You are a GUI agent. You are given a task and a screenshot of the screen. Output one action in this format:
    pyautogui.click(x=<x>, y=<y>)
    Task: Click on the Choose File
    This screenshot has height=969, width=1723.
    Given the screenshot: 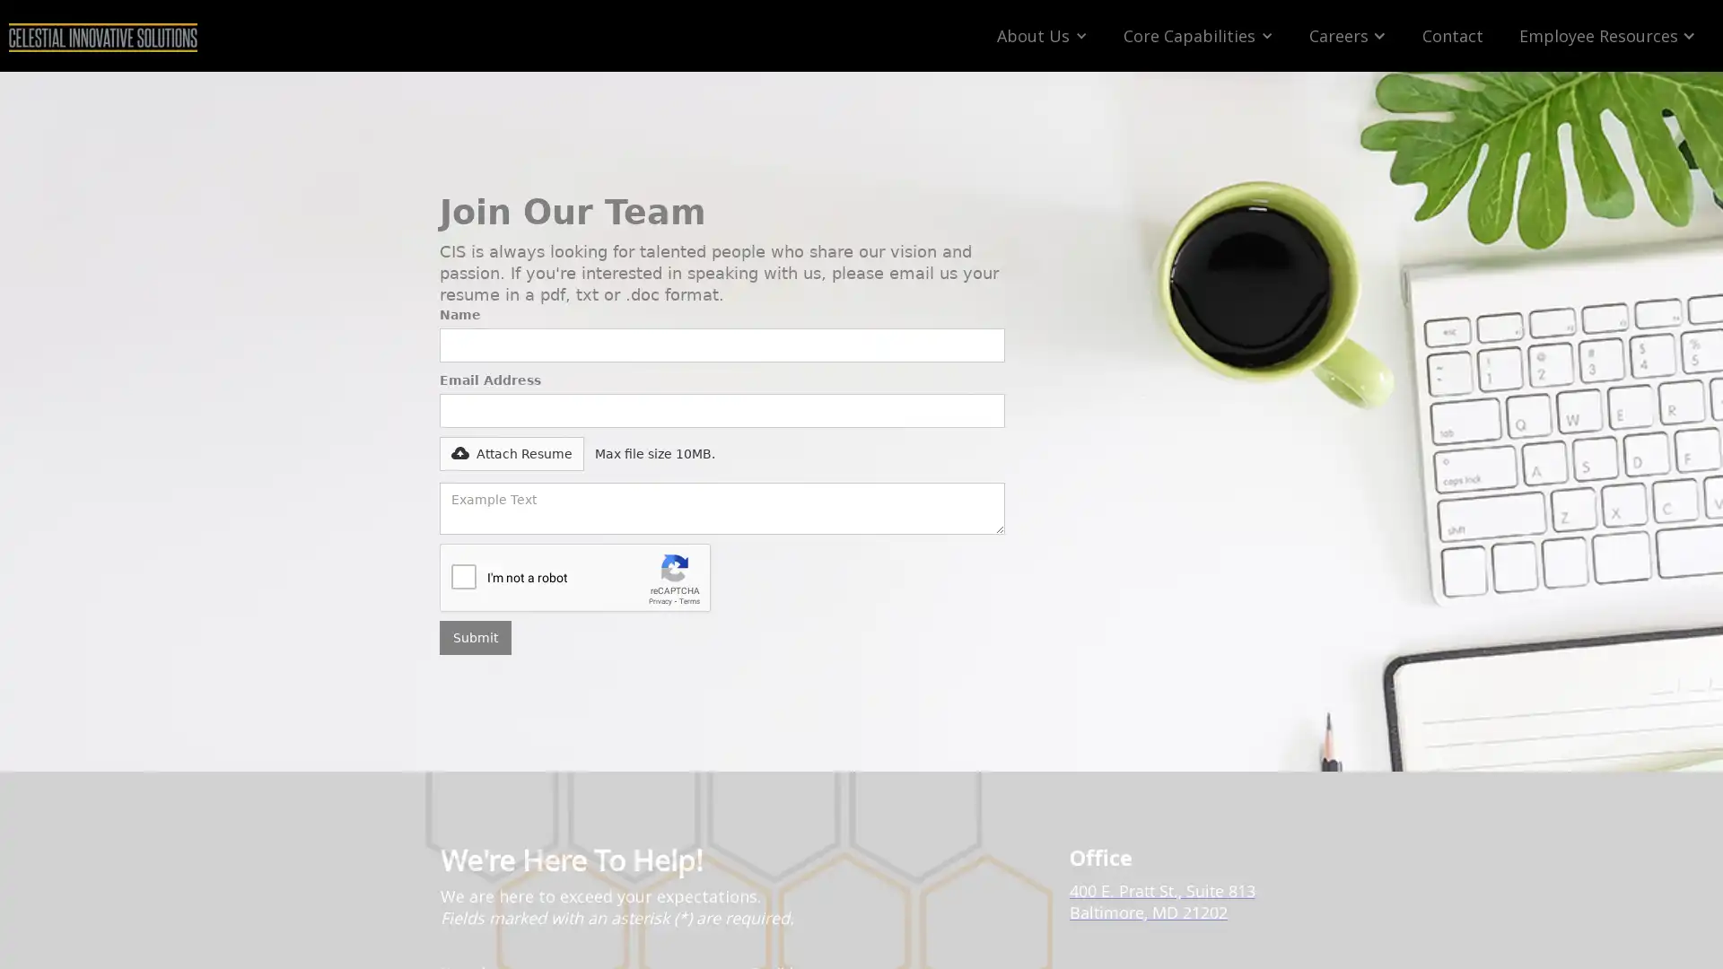 What is the action you would take?
    pyautogui.click(x=483, y=445)
    